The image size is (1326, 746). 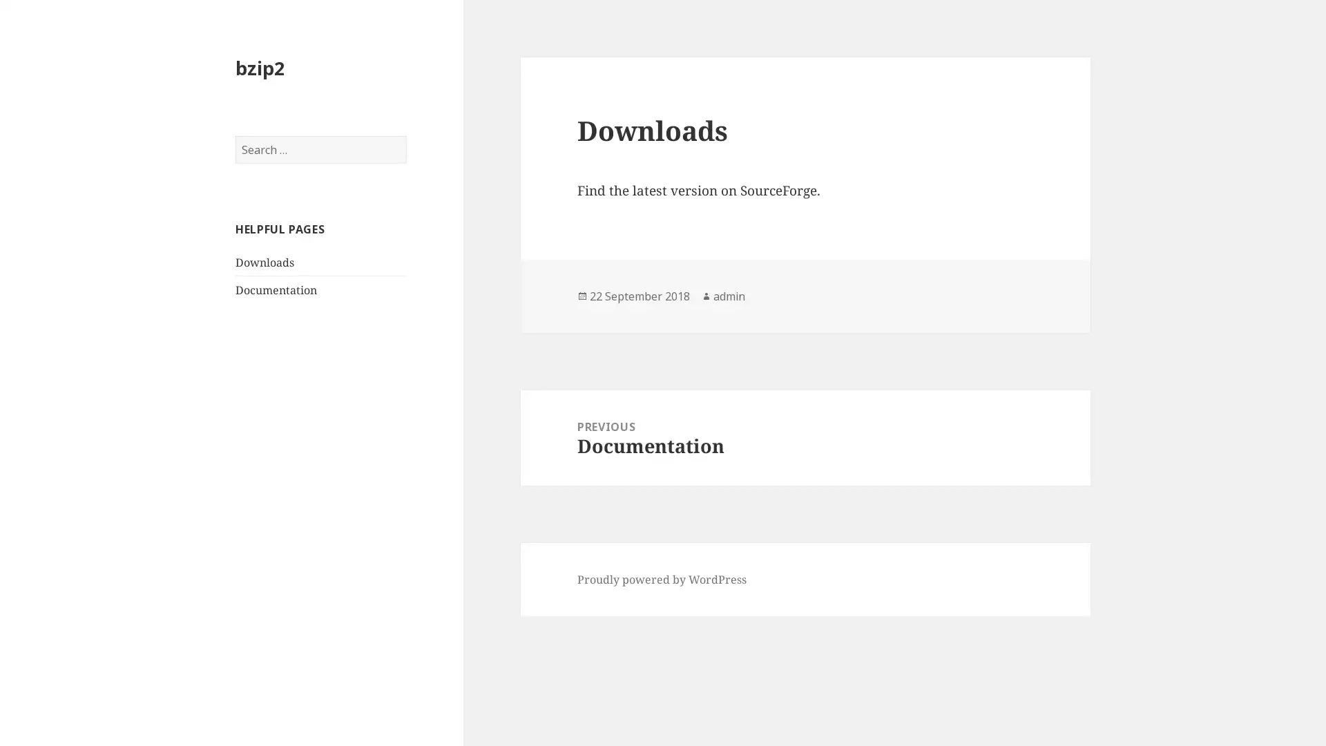 What do you see at coordinates (405, 136) in the screenshot?
I see `Search` at bounding box center [405, 136].